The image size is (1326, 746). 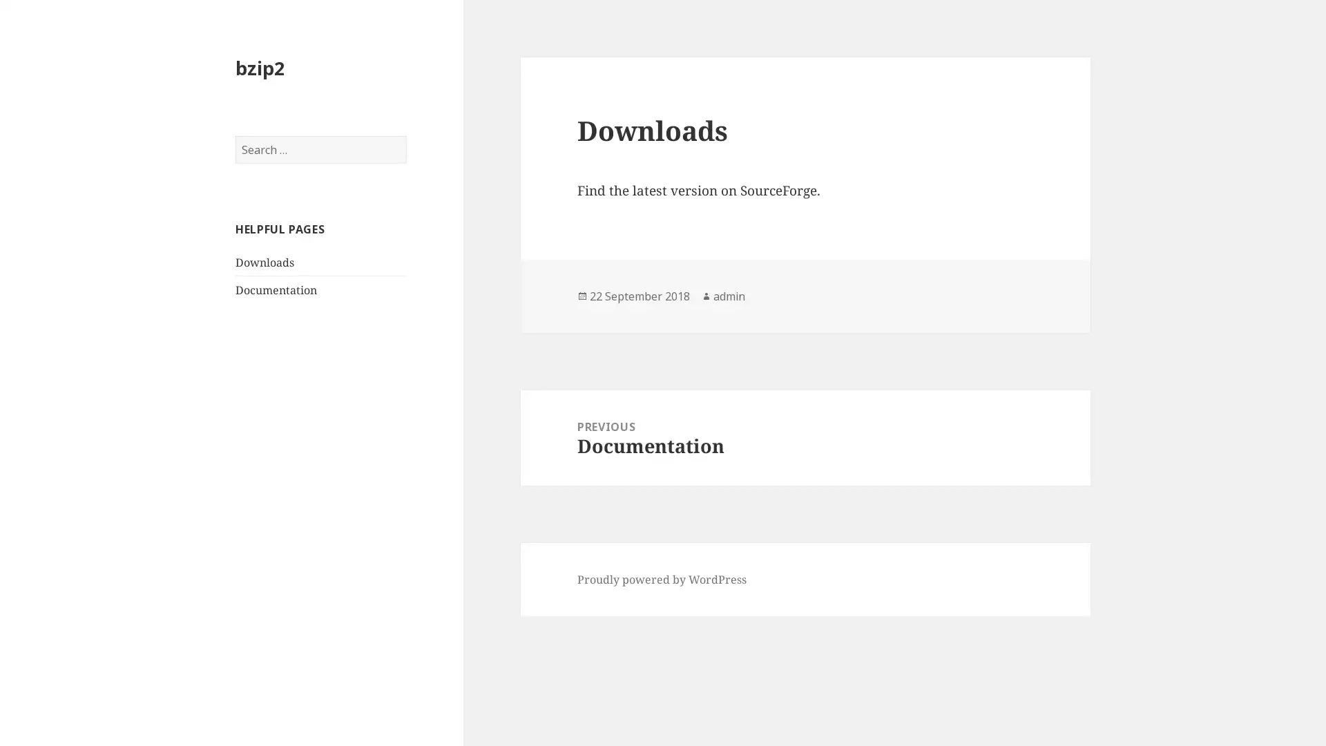 What do you see at coordinates (405, 136) in the screenshot?
I see `Search` at bounding box center [405, 136].